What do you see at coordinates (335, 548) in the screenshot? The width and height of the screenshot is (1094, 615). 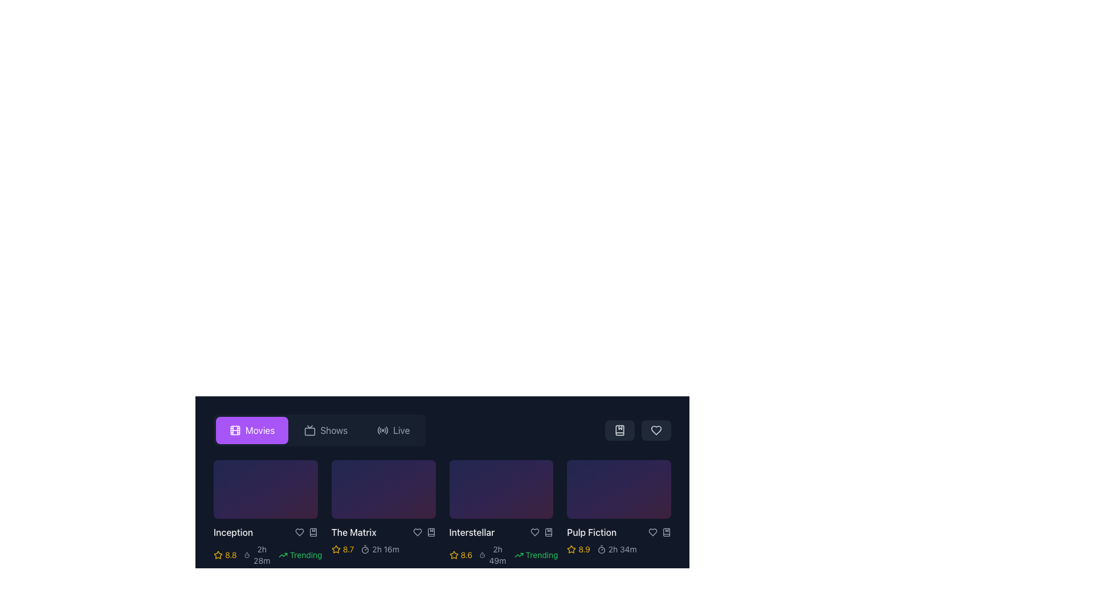 I see `the star-shaped icon with a yellow outline located to the left of the numerical rating '8.7' for the movie 'The Matrix' to interact with it` at bounding box center [335, 548].